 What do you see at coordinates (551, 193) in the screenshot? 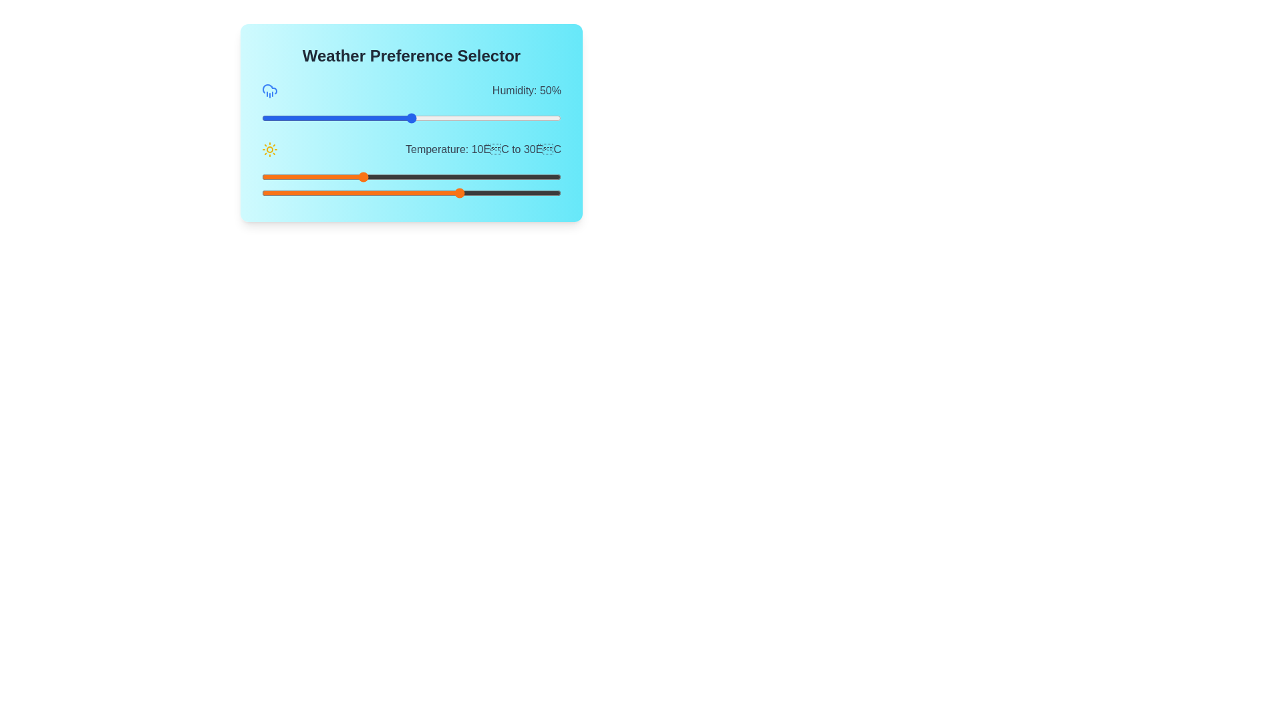
I see `the maximum temperature slider to 48 degrees Celsius` at bounding box center [551, 193].